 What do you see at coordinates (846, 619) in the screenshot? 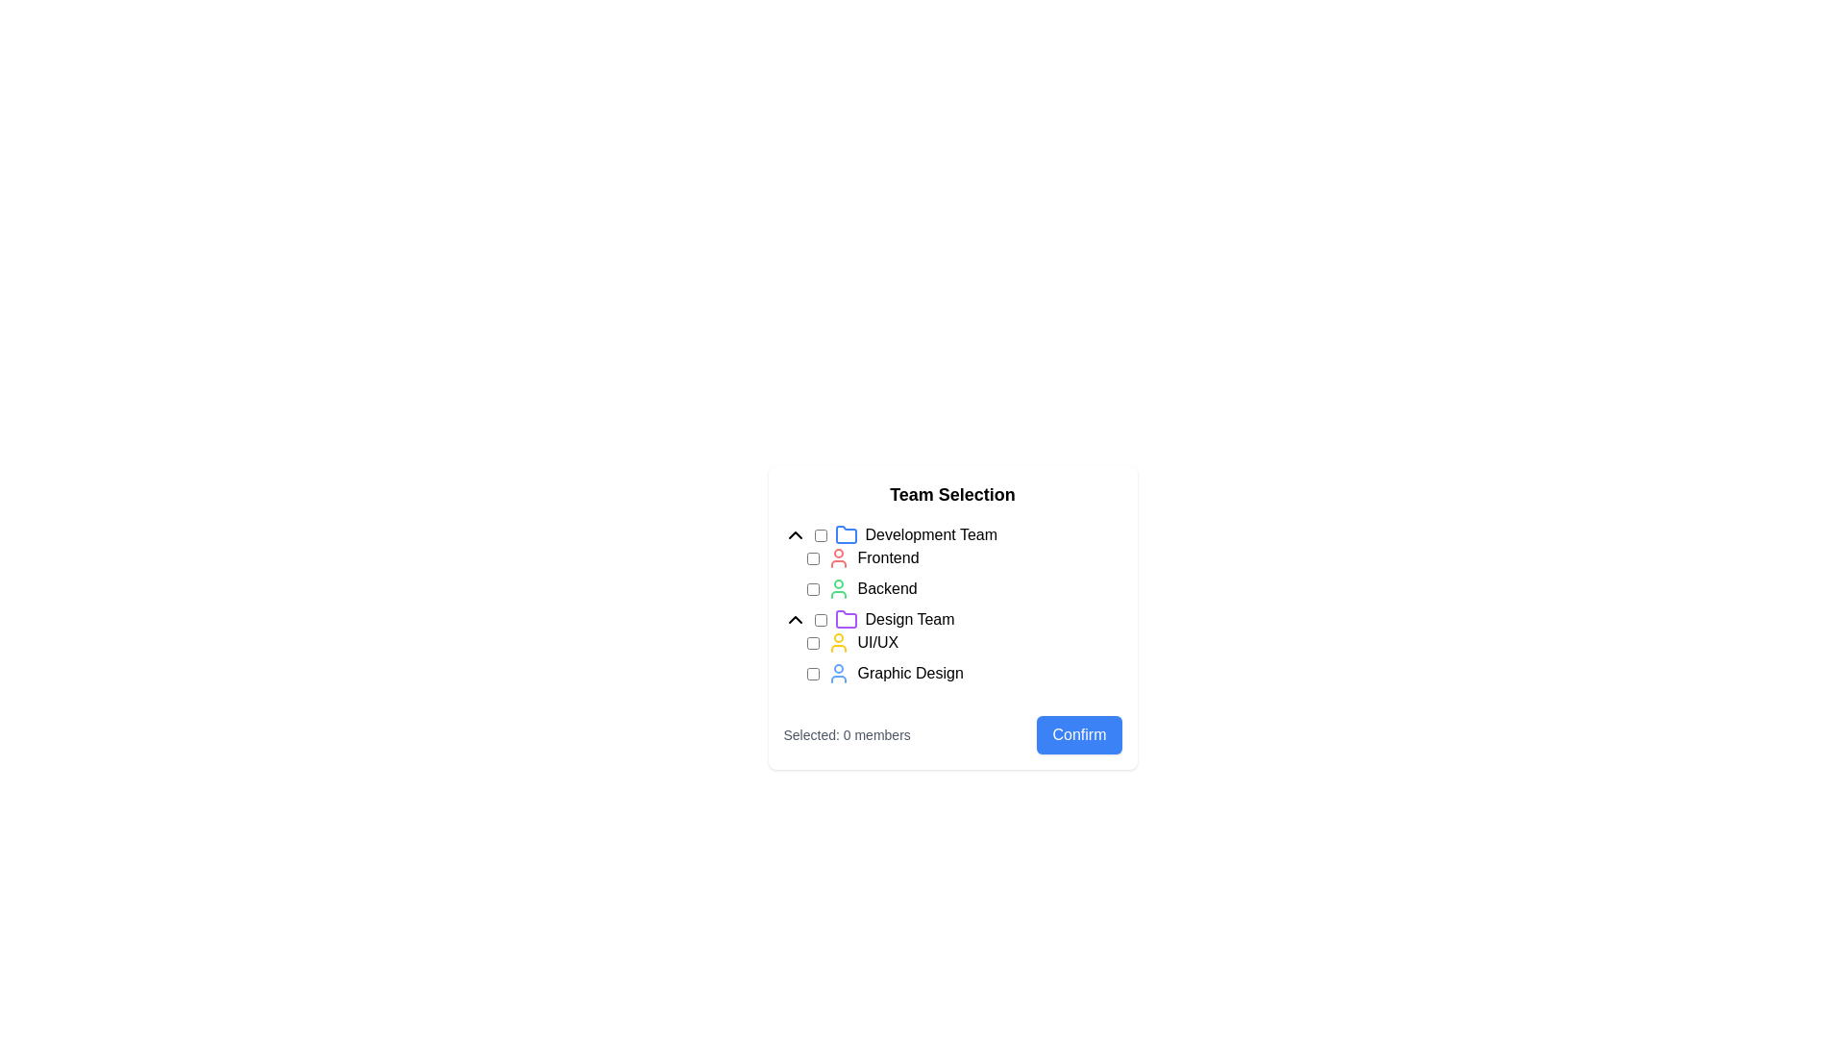
I see `the purple folder icon located to the left of the 'Design Team' text in the Team Selection section` at bounding box center [846, 619].